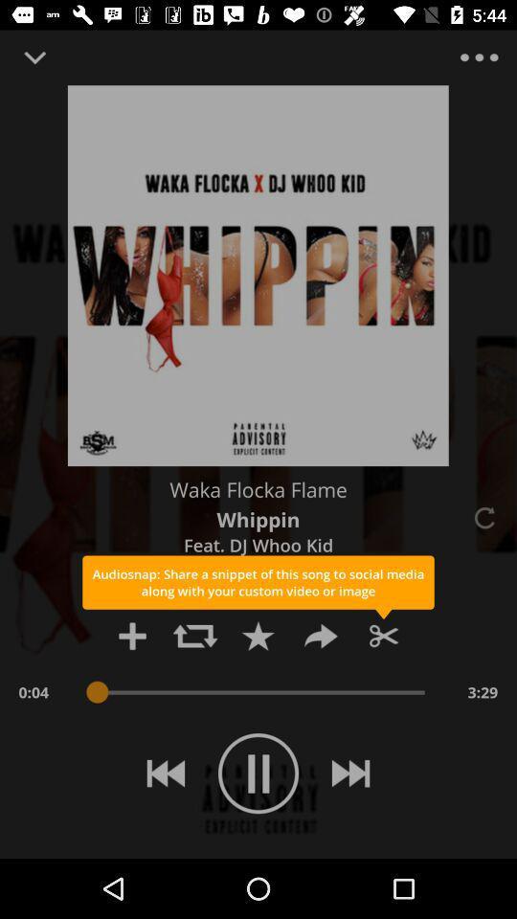  Describe the element at coordinates (34, 56) in the screenshot. I see `the expand_more icon` at that location.